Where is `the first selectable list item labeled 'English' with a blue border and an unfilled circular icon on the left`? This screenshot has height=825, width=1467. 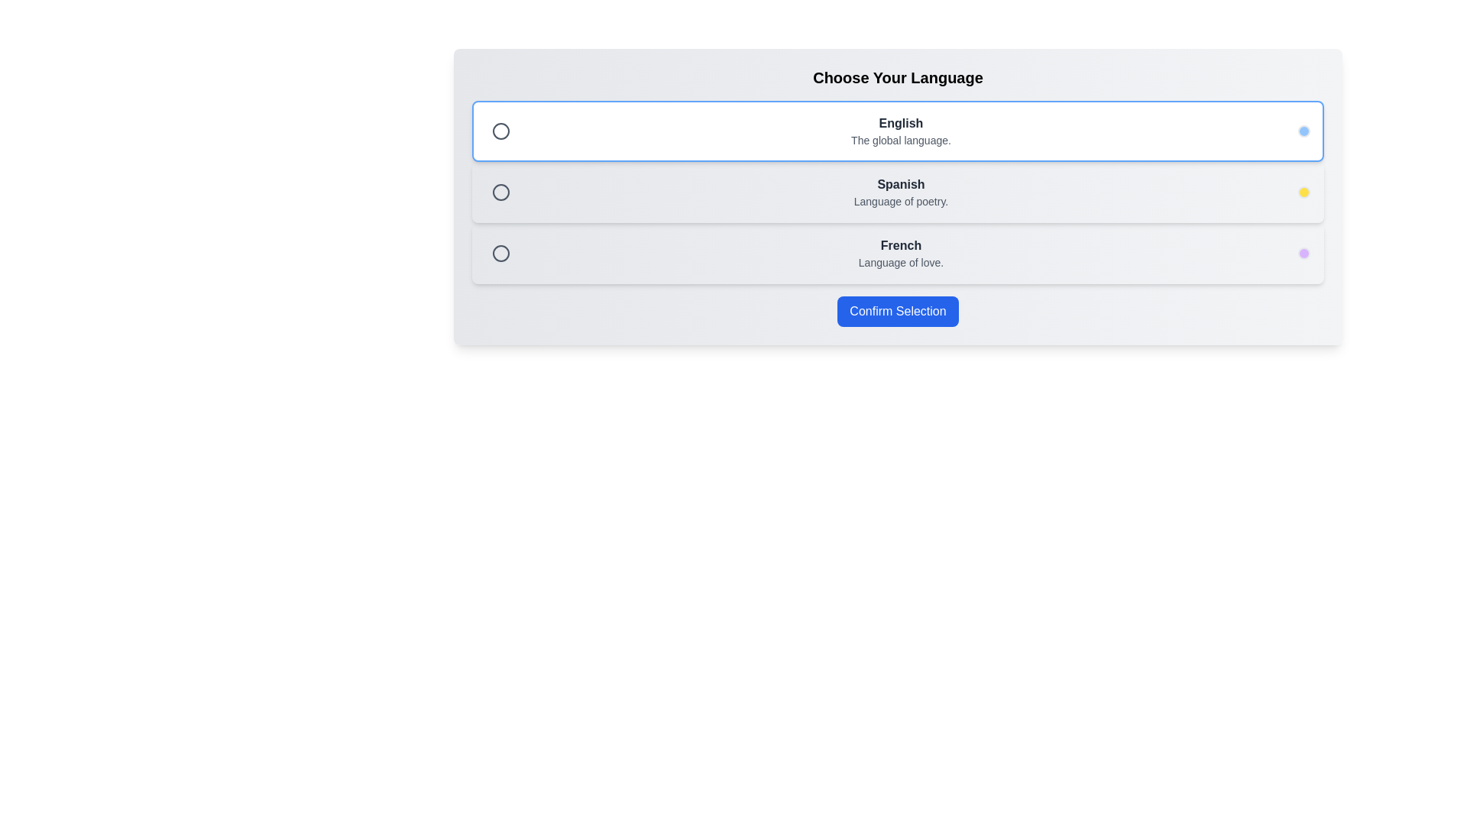 the first selectable list item labeled 'English' with a blue border and an unfilled circular icon on the left is located at coordinates (898, 131).